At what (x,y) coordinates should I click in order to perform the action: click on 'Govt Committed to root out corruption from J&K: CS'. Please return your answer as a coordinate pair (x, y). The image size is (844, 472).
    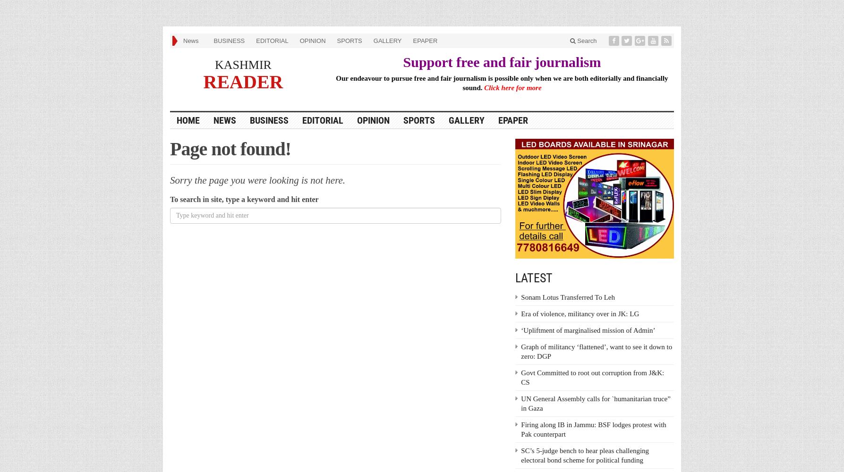
    Looking at the image, I should click on (592, 378).